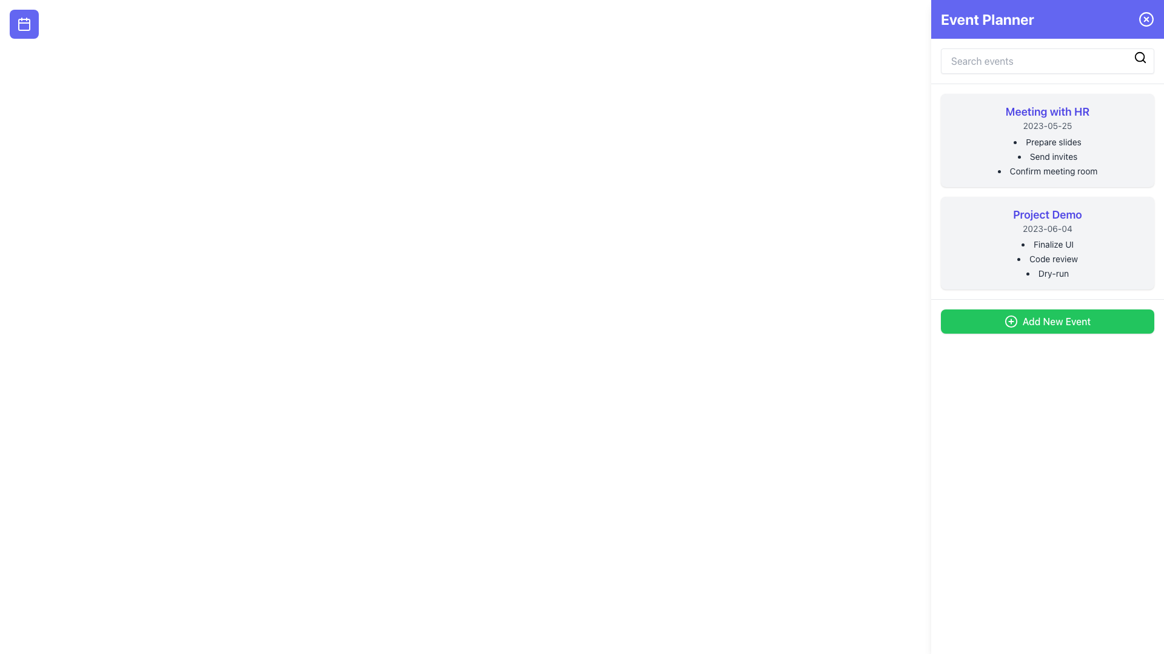 The image size is (1164, 654). What do you see at coordinates (1047, 156) in the screenshot?
I see `items from the vertical list under the 'Meeting with HR' section, which includes 'Prepare slides,' 'Send invites,' and 'Confirm meeting room.'` at bounding box center [1047, 156].